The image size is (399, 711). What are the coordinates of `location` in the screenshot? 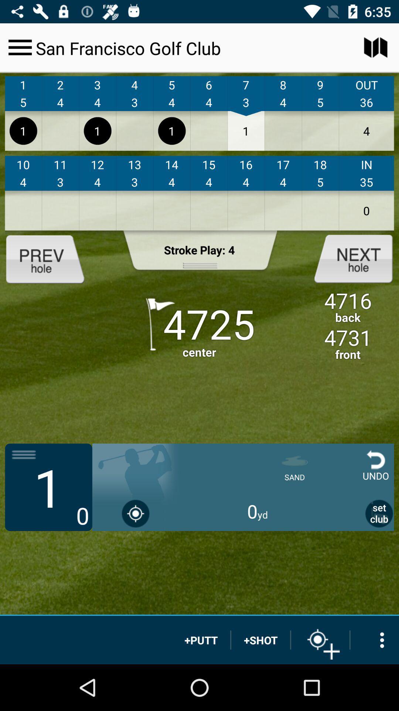 It's located at (320, 640).